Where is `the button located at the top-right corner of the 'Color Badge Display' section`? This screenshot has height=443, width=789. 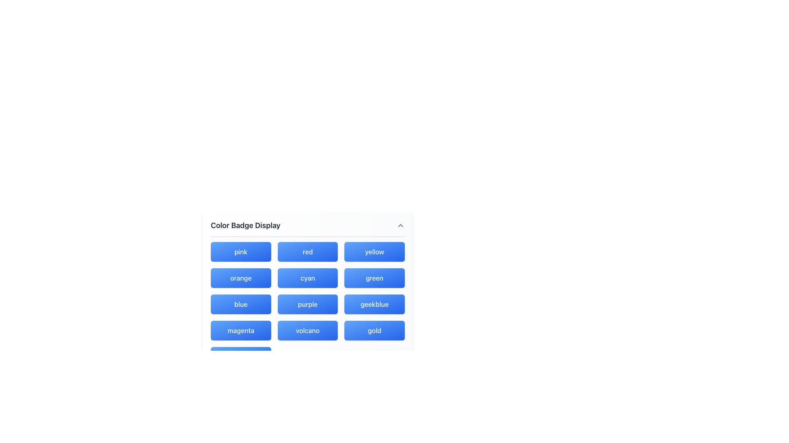 the button located at the top-right corner of the 'Color Badge Display' section is located at coordinates (400, 226).